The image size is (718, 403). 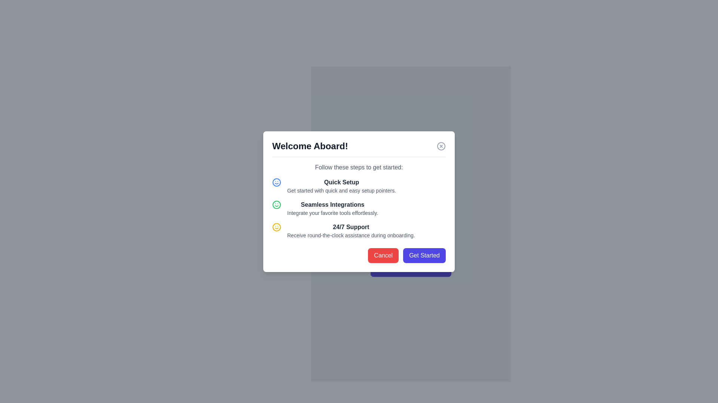 I want to click on the button labeled 'Open Onboarding Modal', so click(x=411, y=267).